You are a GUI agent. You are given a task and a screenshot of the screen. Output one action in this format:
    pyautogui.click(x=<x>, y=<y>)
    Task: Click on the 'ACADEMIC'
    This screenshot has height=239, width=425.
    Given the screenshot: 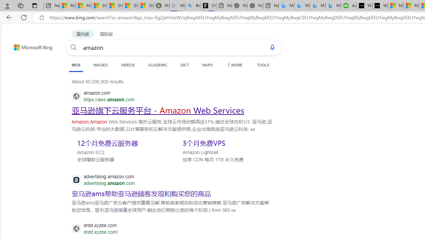 What is the action you would take?
    pyautogui.click(x=157, y=65)
    